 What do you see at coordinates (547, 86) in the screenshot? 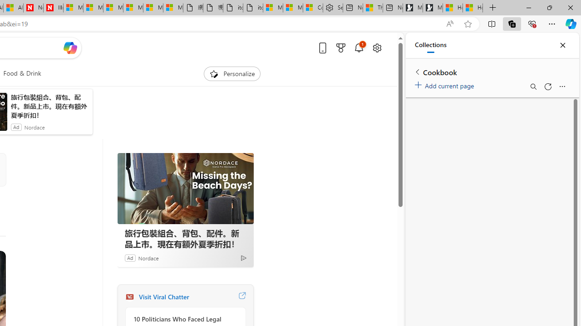
I see `'Refresh'` at bounding box center [547, 86].